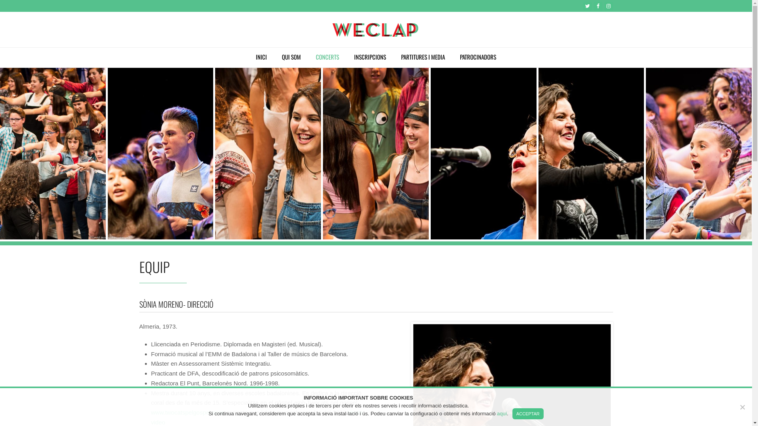  I want to click on 'PATROCINADORS', so click(477, 57).